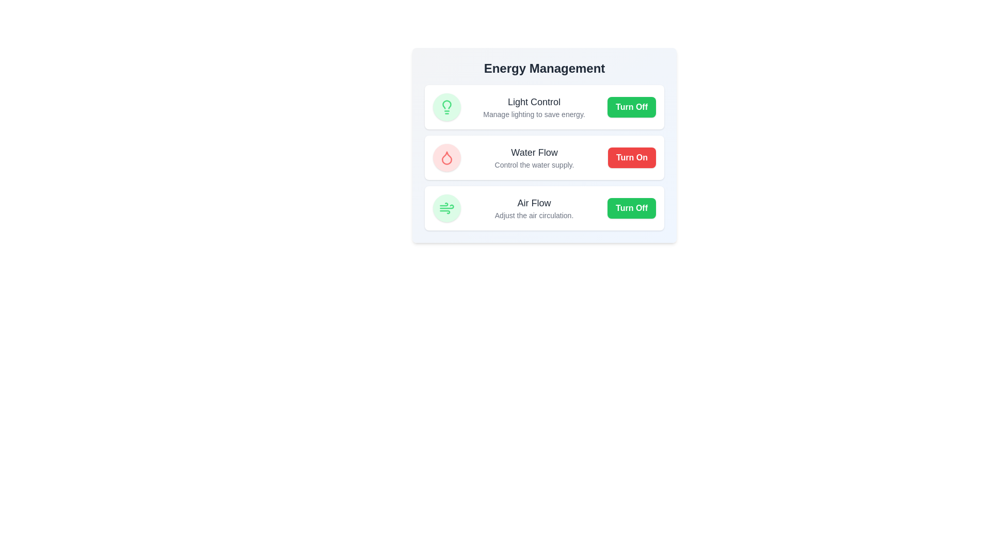 This screenshot has width=991, height=557. I want to click on the heading at the top of the card layout, which indicates the main topic related to managing energy-related resources, so click(544, 68).